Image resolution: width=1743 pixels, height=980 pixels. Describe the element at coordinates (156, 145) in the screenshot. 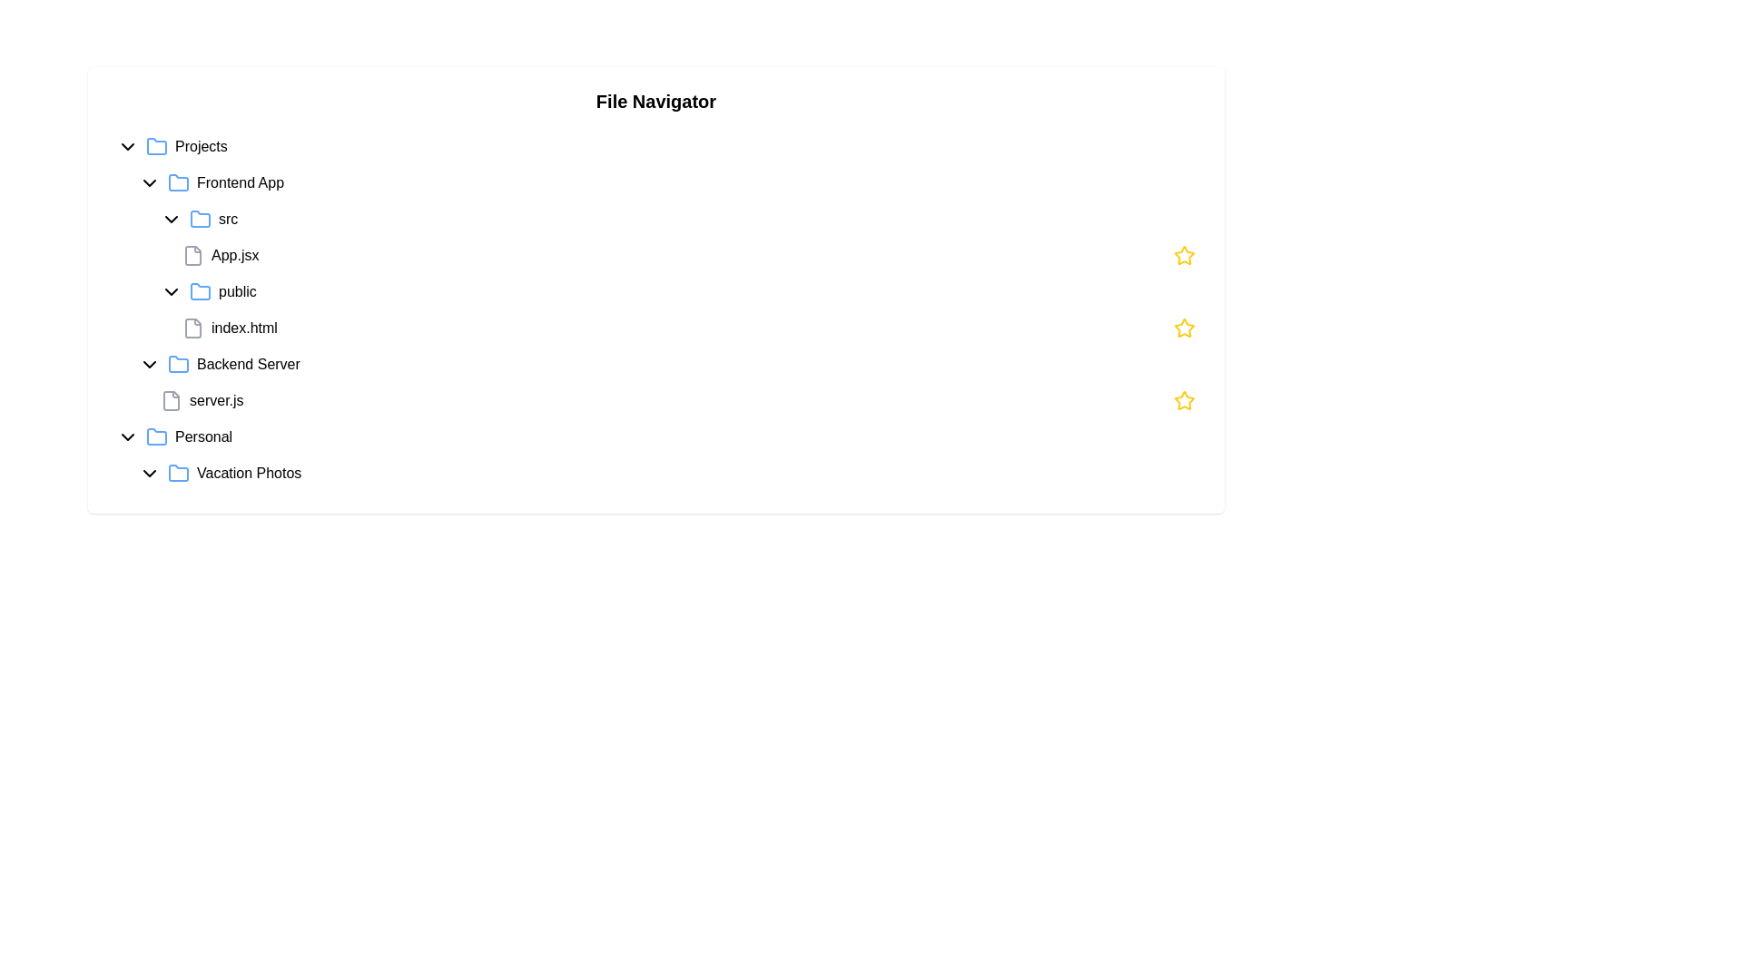

I see `the blue folder icon representing the 'Projects' folder` at that location.